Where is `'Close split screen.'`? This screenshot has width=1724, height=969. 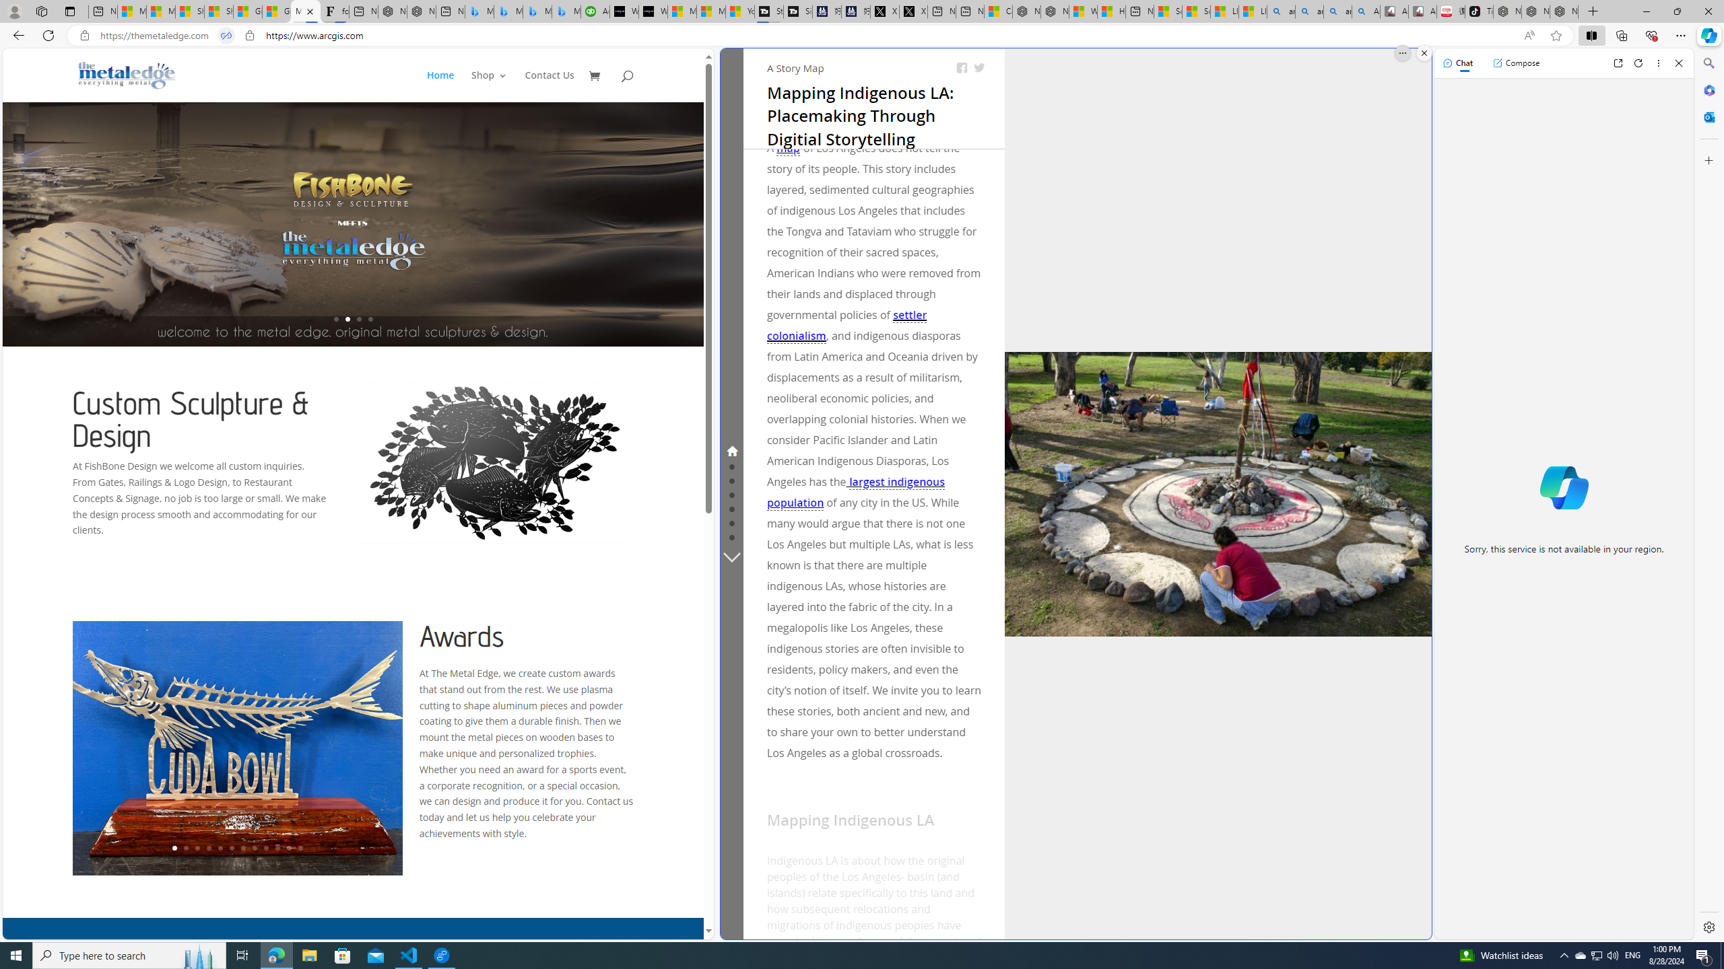 'Close split screen.' is located at coordinates (1423, 52).